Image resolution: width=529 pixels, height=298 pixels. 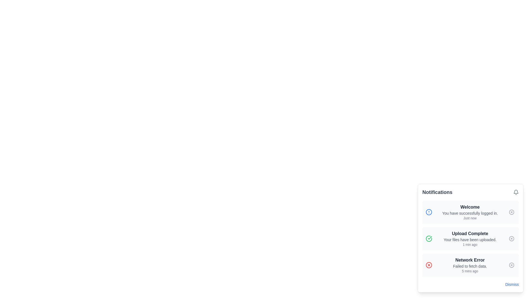 What do you see at coordinates (512, 284) in the screenshot?
I see `the 'Dismiss' textual hyperlink located at the bottom-right corner of the notifications panel` at bounding box center [512, 284].